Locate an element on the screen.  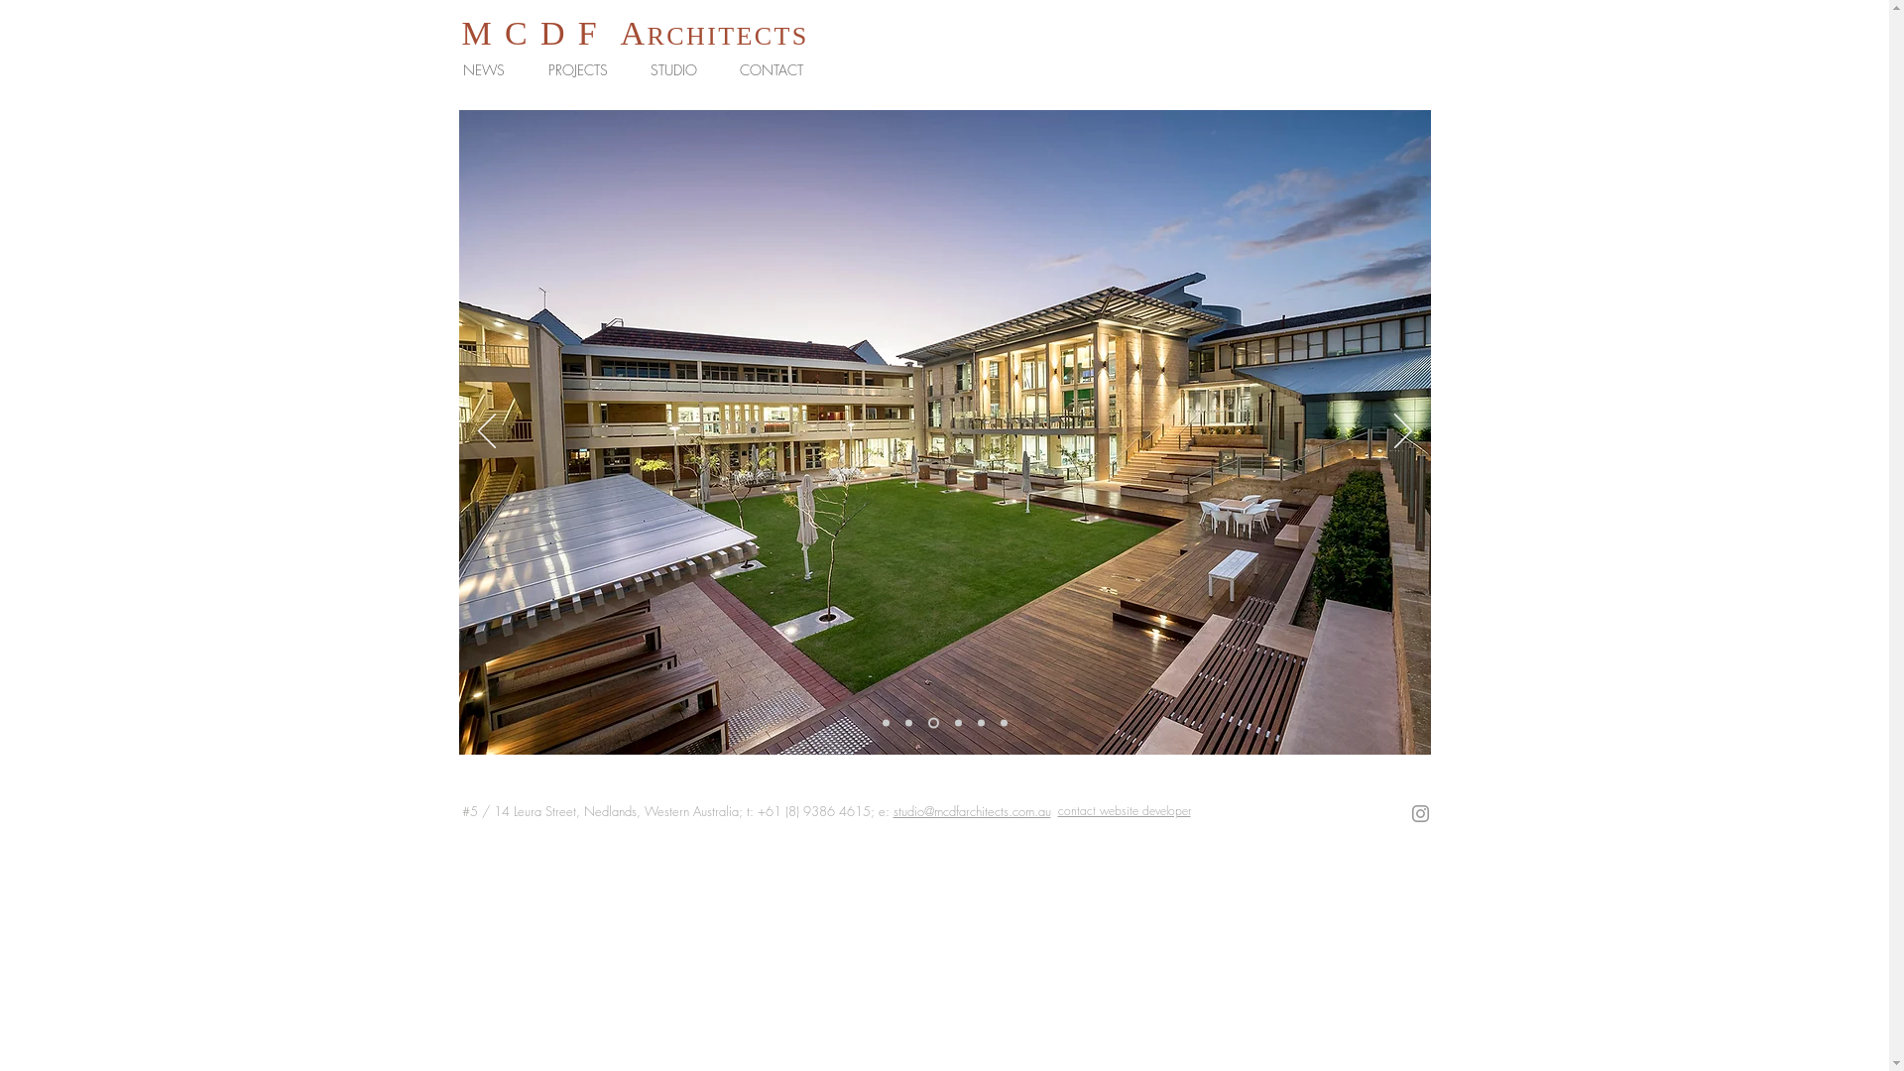
'CONTACT' is located at coordinates (775, 68).